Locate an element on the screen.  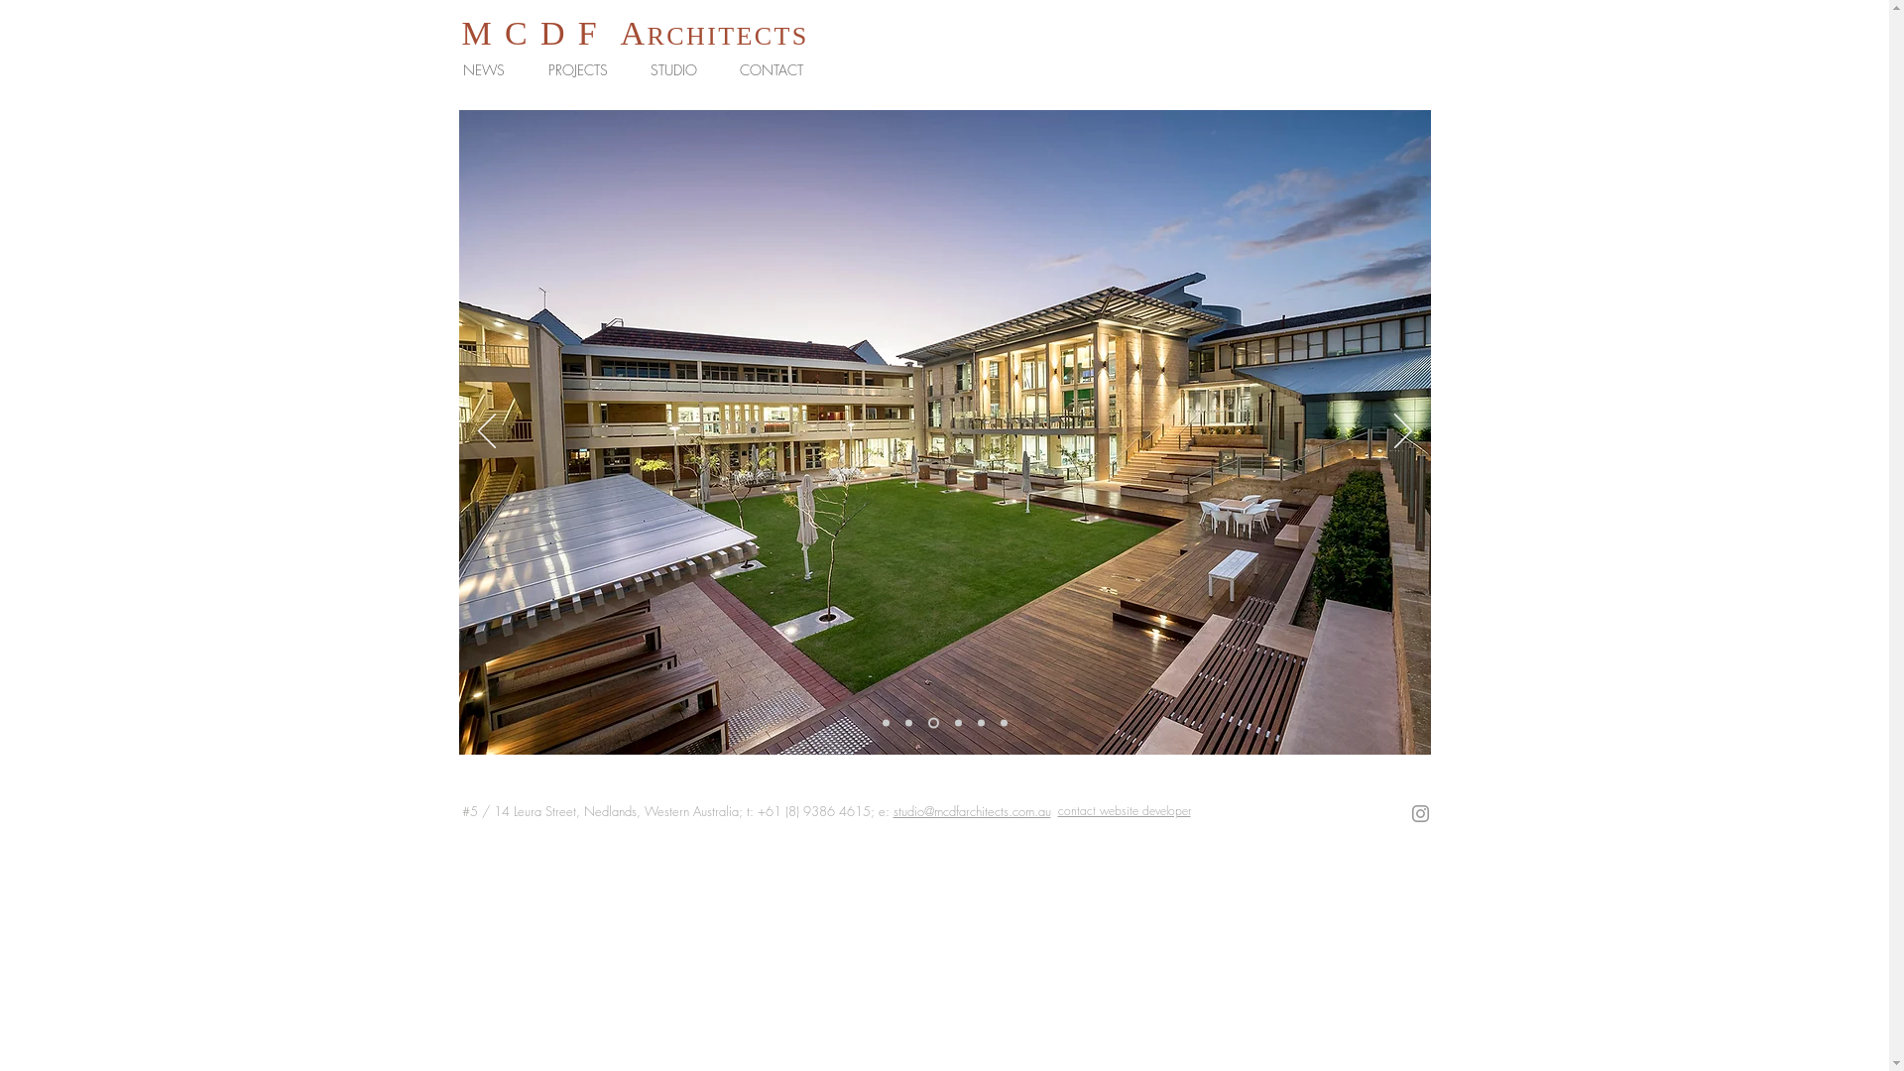
'CONTACT' is located at coordinates (775, 68).